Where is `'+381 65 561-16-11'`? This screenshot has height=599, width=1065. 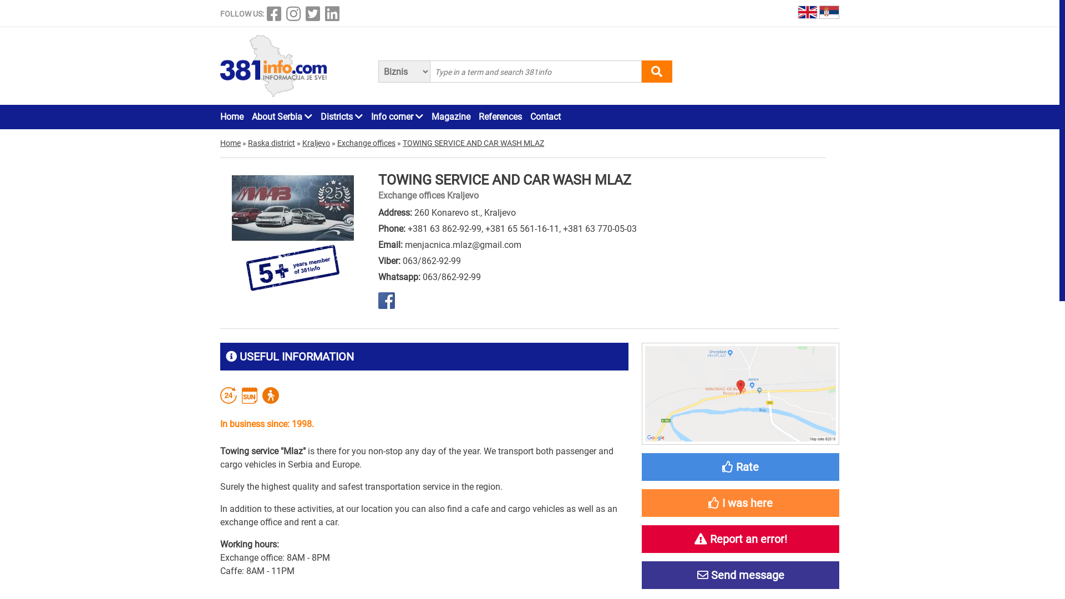
'+381 65 561-16-11' is located at coordinates (485, 228).